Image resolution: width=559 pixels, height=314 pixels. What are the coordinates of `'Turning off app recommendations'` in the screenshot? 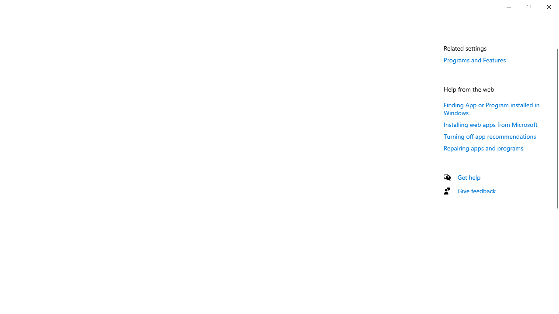 It's located at (490, 136).